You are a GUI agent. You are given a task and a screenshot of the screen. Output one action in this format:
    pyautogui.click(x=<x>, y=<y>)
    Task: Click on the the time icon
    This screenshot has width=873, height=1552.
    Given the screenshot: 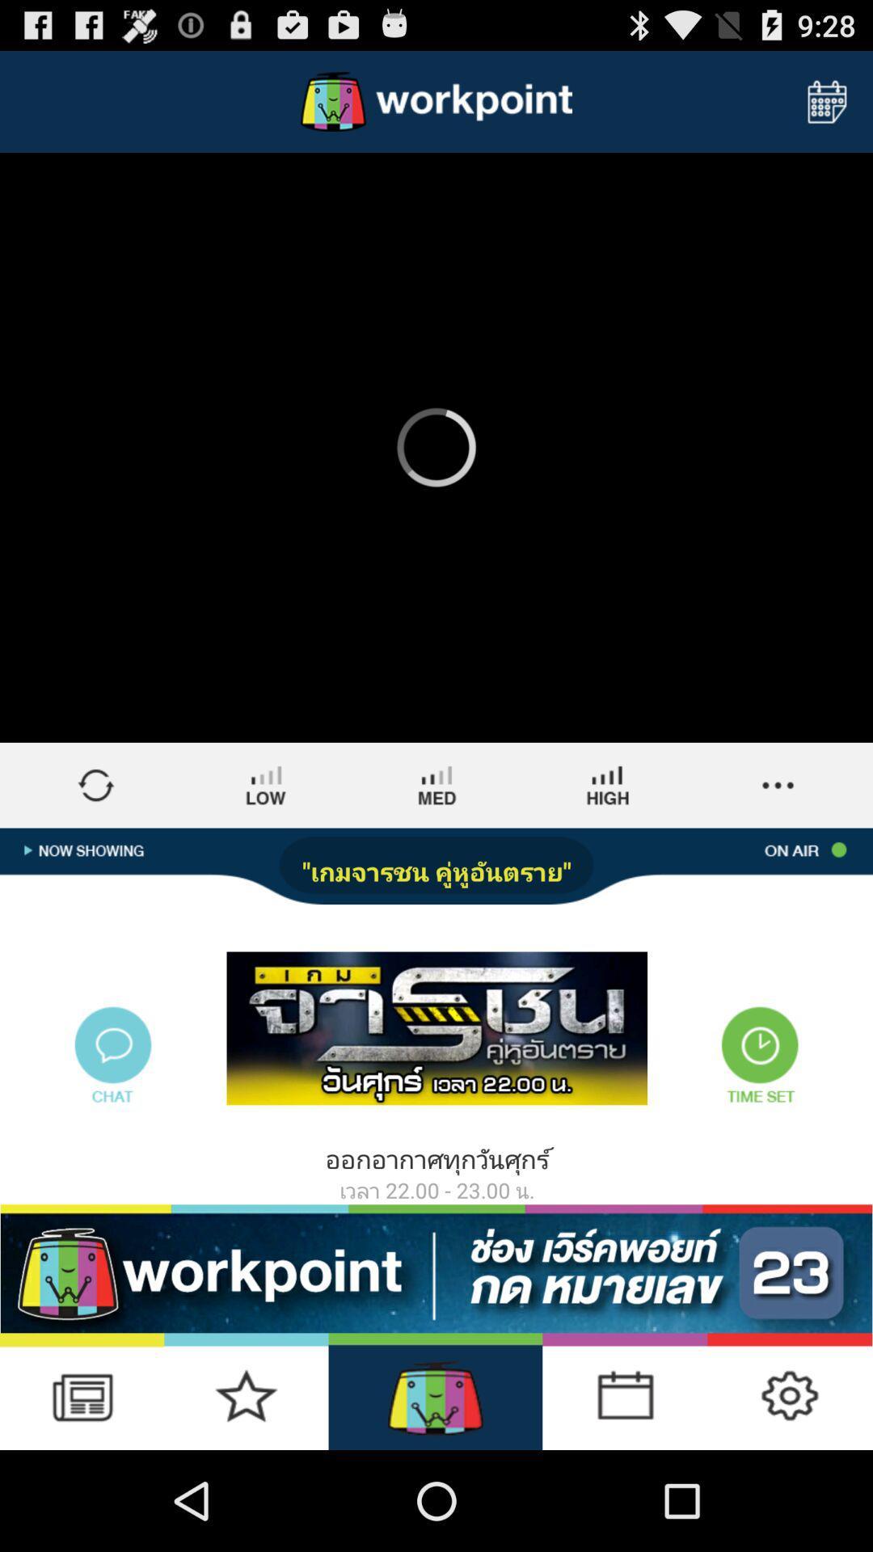 What is the action you would take?
    pyautogui.click(x=760, y=1128)
    